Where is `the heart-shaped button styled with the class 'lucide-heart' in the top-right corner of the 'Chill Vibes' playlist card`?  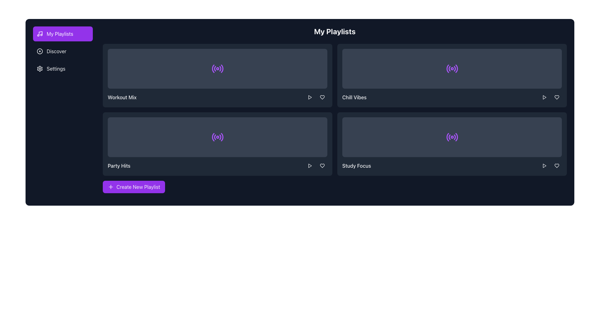 the heart-shaped button styled with the class 'lucide-heart' in the top-right corner of the 'Chill Vibes' playlist card is located at coordinates (557, 97).